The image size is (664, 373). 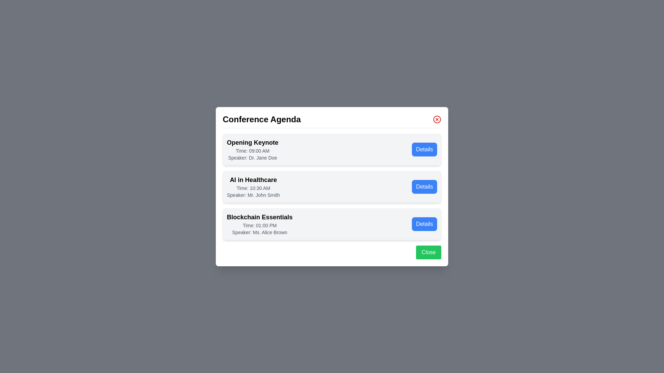 I want to click on the close button at the top right of the dialog, so click(x=436, y=119).